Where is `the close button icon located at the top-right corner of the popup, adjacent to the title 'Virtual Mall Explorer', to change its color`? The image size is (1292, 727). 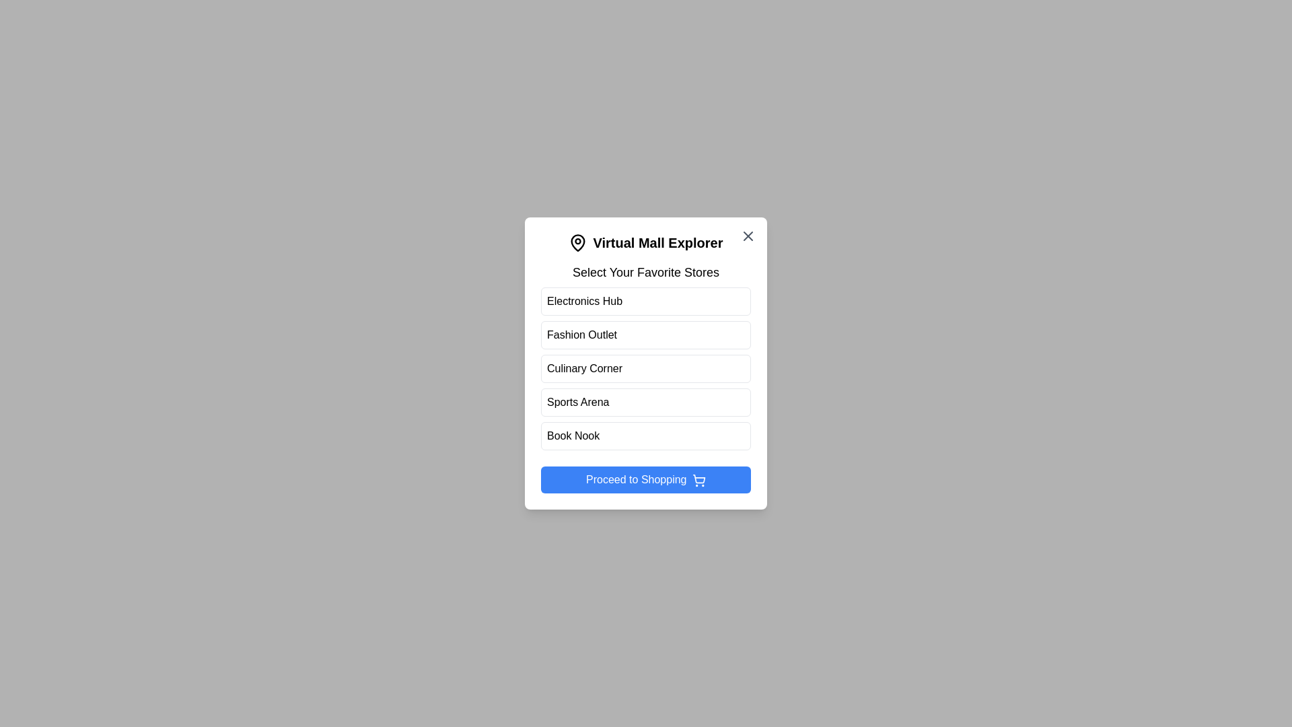
the close button icon located at the top-right corner of the popup, adjacent to the title 'Virtual Mall Explorer', to change its color is located at coordinates (748, 236).